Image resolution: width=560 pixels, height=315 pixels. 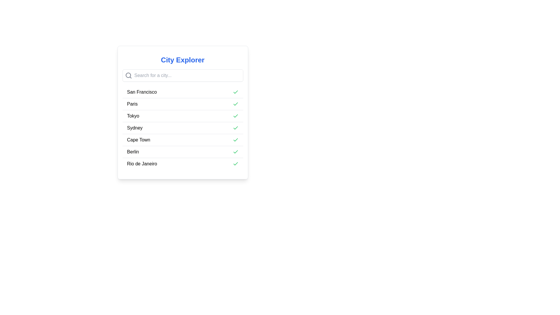 I want to click on the search input field for city exploration by clicking on it, so click(x=182, y=75).